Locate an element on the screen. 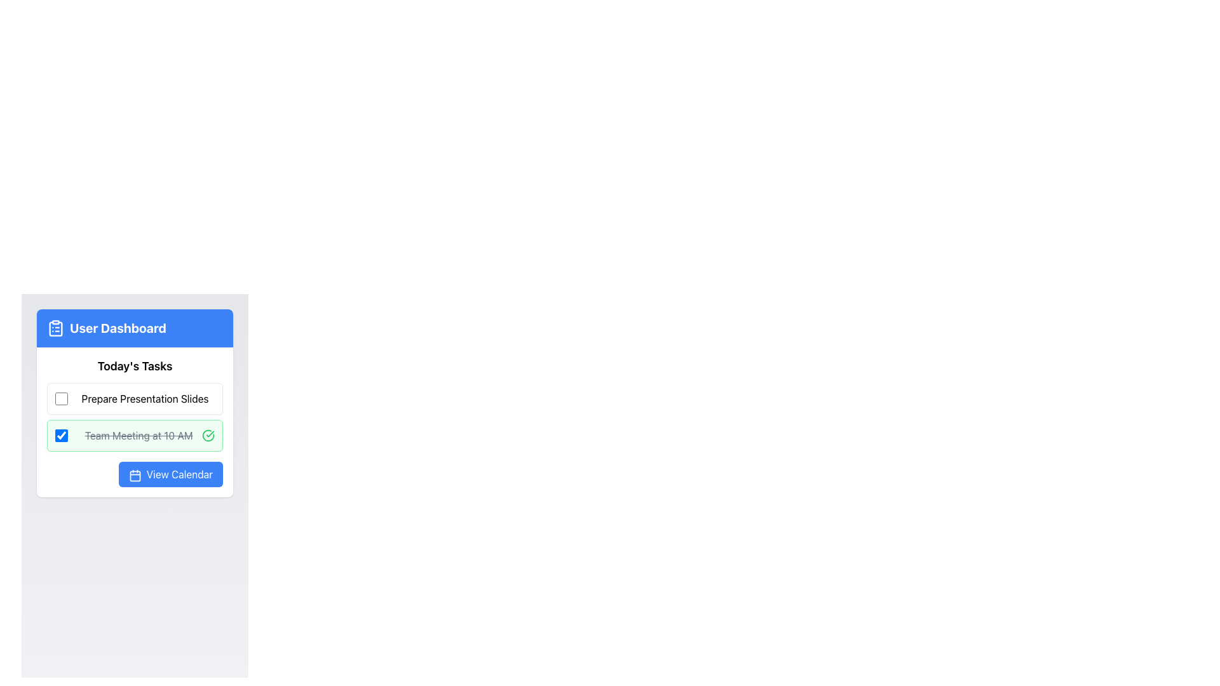 The width and height of the screenshot is (1220, 686). the more options icon located next to the checked checkbox of the subtask labeled 'Team Meeting at 10 AM' in the 'Today's Tasks' section of the User Dashboard is located at coordinates (135, 422).